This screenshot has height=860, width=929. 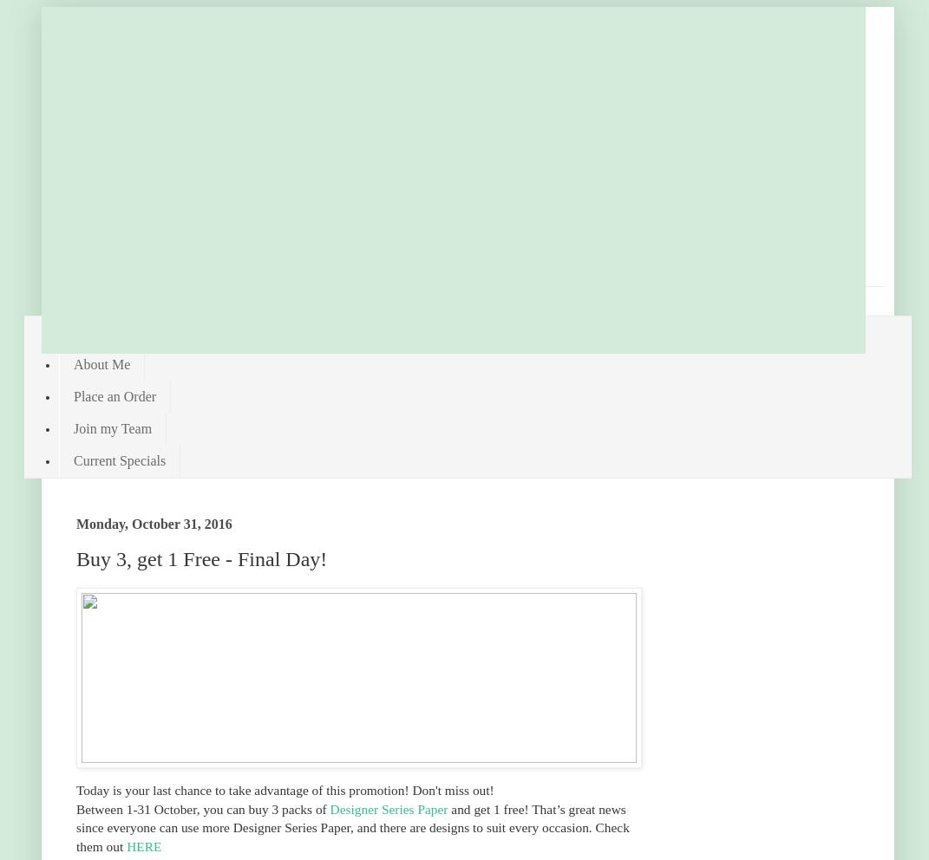 What do you see at coordinates (76, 789) in the screenshot?
I see `'Today is your last chance to take advantage of this promotion! Don't miss out!'` at bounding box center [76, 789].